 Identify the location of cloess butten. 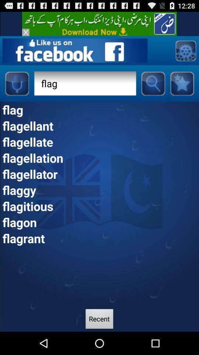
(25, 32).